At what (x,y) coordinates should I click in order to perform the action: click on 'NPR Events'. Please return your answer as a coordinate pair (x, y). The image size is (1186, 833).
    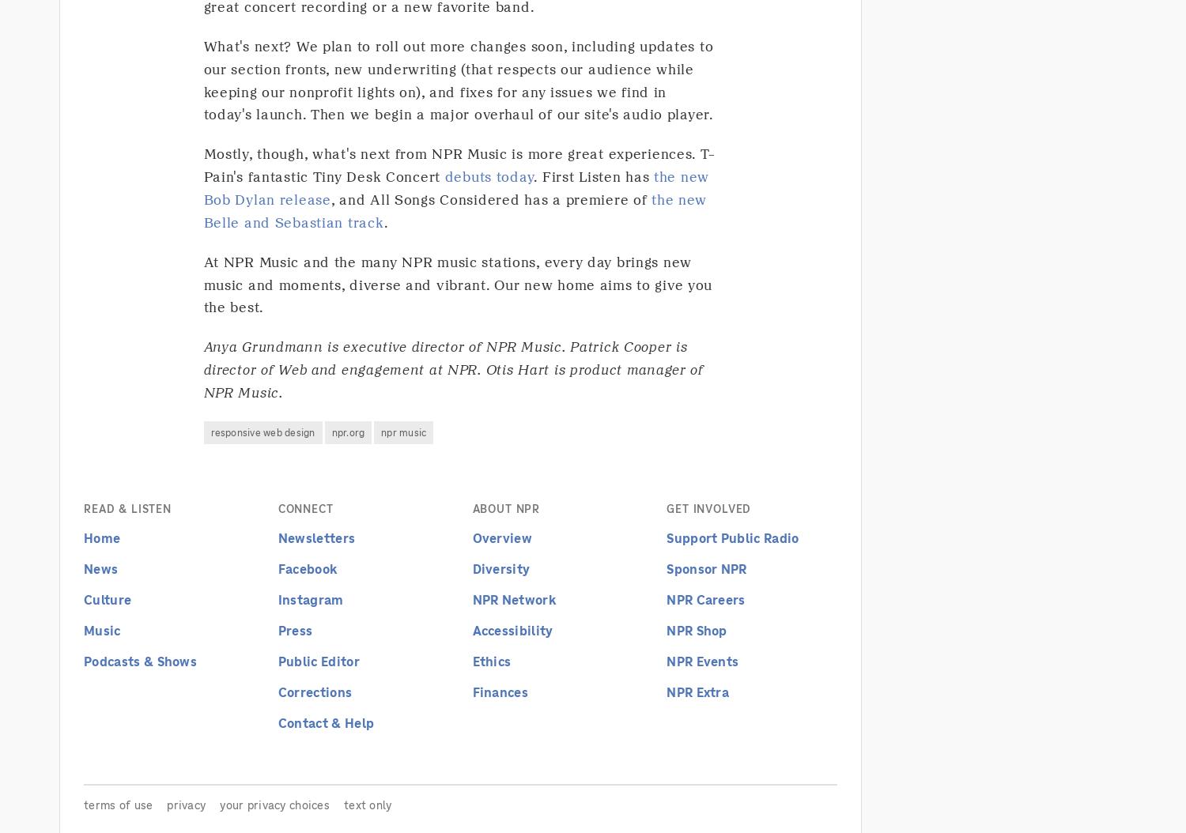
    Looking at the image, I should click on (702, 660).